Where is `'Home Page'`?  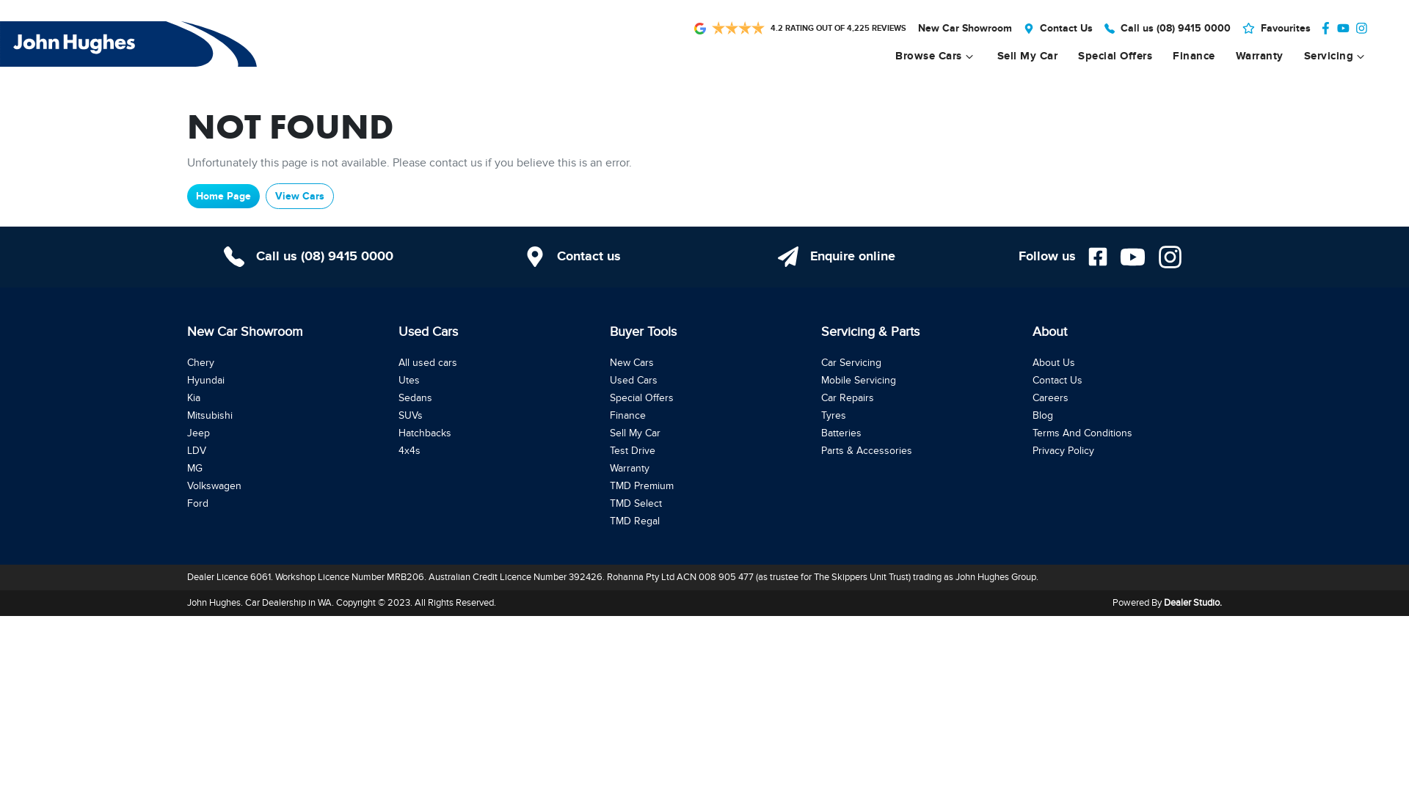
'Home Page' is located at coordinates (186, 195).